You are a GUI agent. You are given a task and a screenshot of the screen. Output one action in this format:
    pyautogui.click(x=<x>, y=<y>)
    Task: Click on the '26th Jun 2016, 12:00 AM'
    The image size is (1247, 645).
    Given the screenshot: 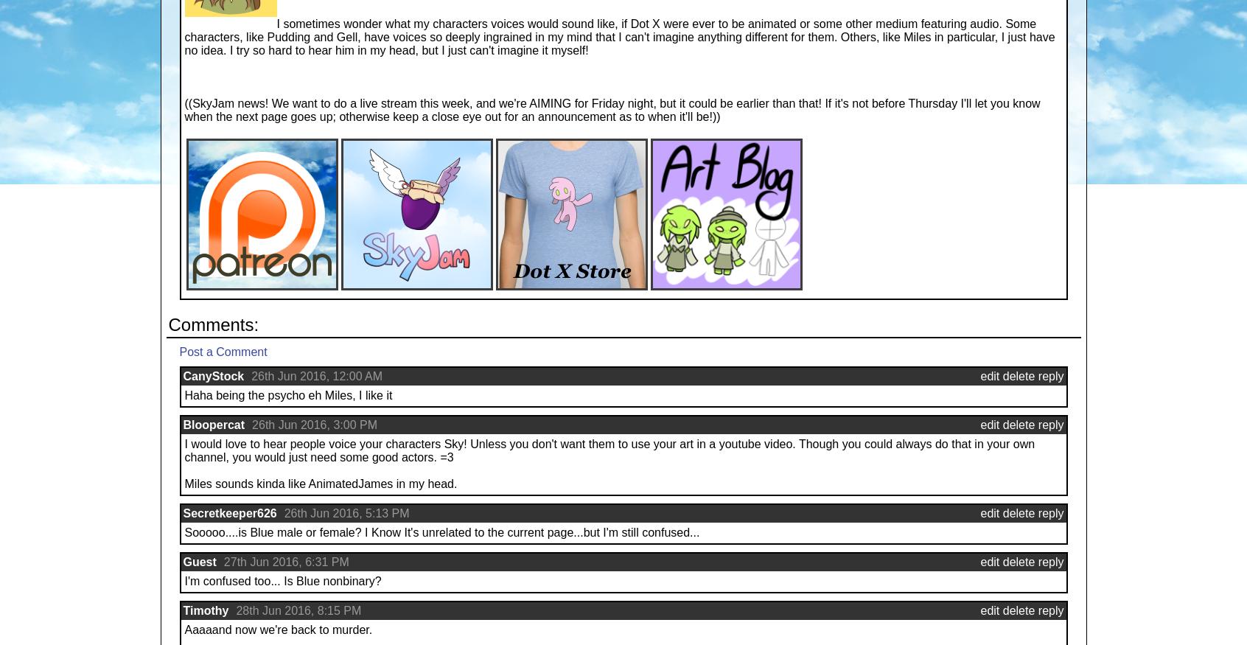 What is the action you would take?
    pyautogui.click(x=315, y=375)
    